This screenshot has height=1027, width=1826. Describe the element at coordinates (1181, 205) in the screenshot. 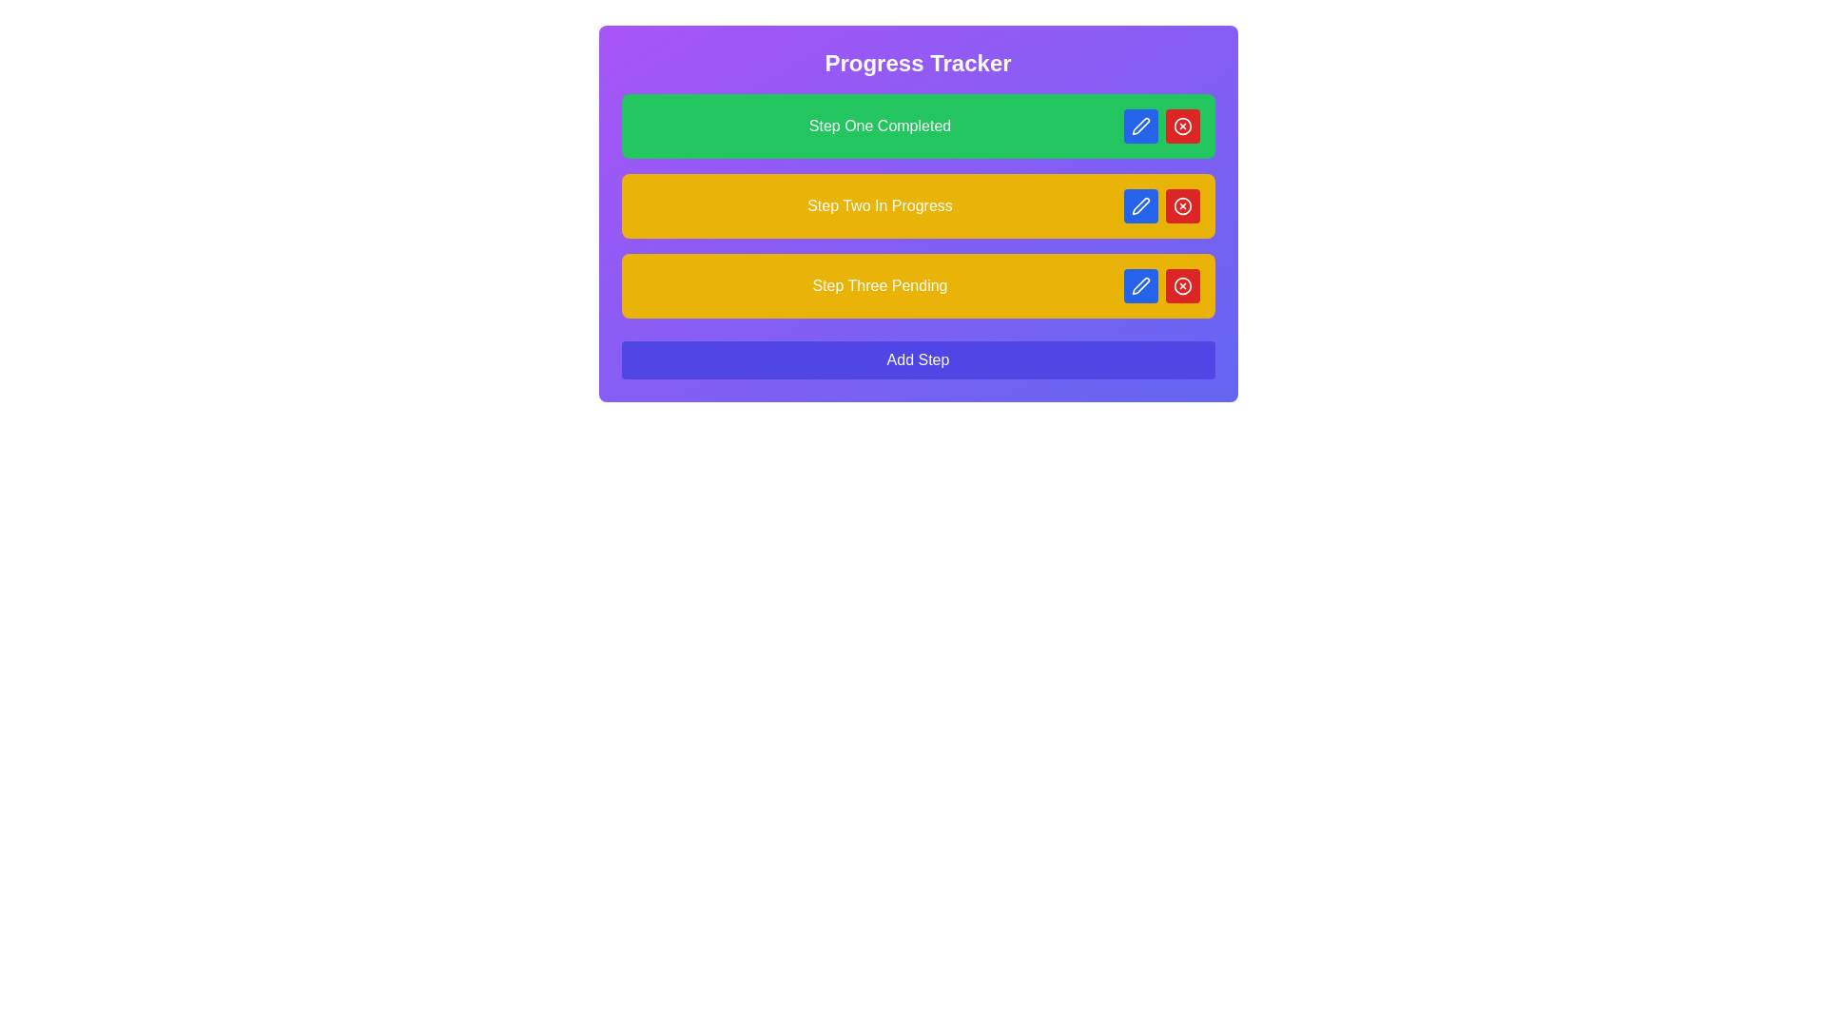

I see `the delete button located on the right-hand side of the section labeled 'Step One Completed'` at that location.